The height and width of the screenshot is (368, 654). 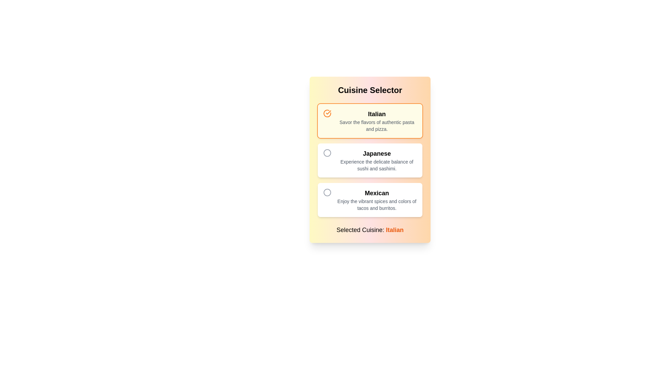 What do you see at coordinates (376, 154) in the screenshot?
I see `the Text label that identifies the Japanese cuisine option in the 'Cuisine Selector' interface, which is positioned centrally below the 'Cuisine Selector' label and above the description text` at bounding box center [376, 154].